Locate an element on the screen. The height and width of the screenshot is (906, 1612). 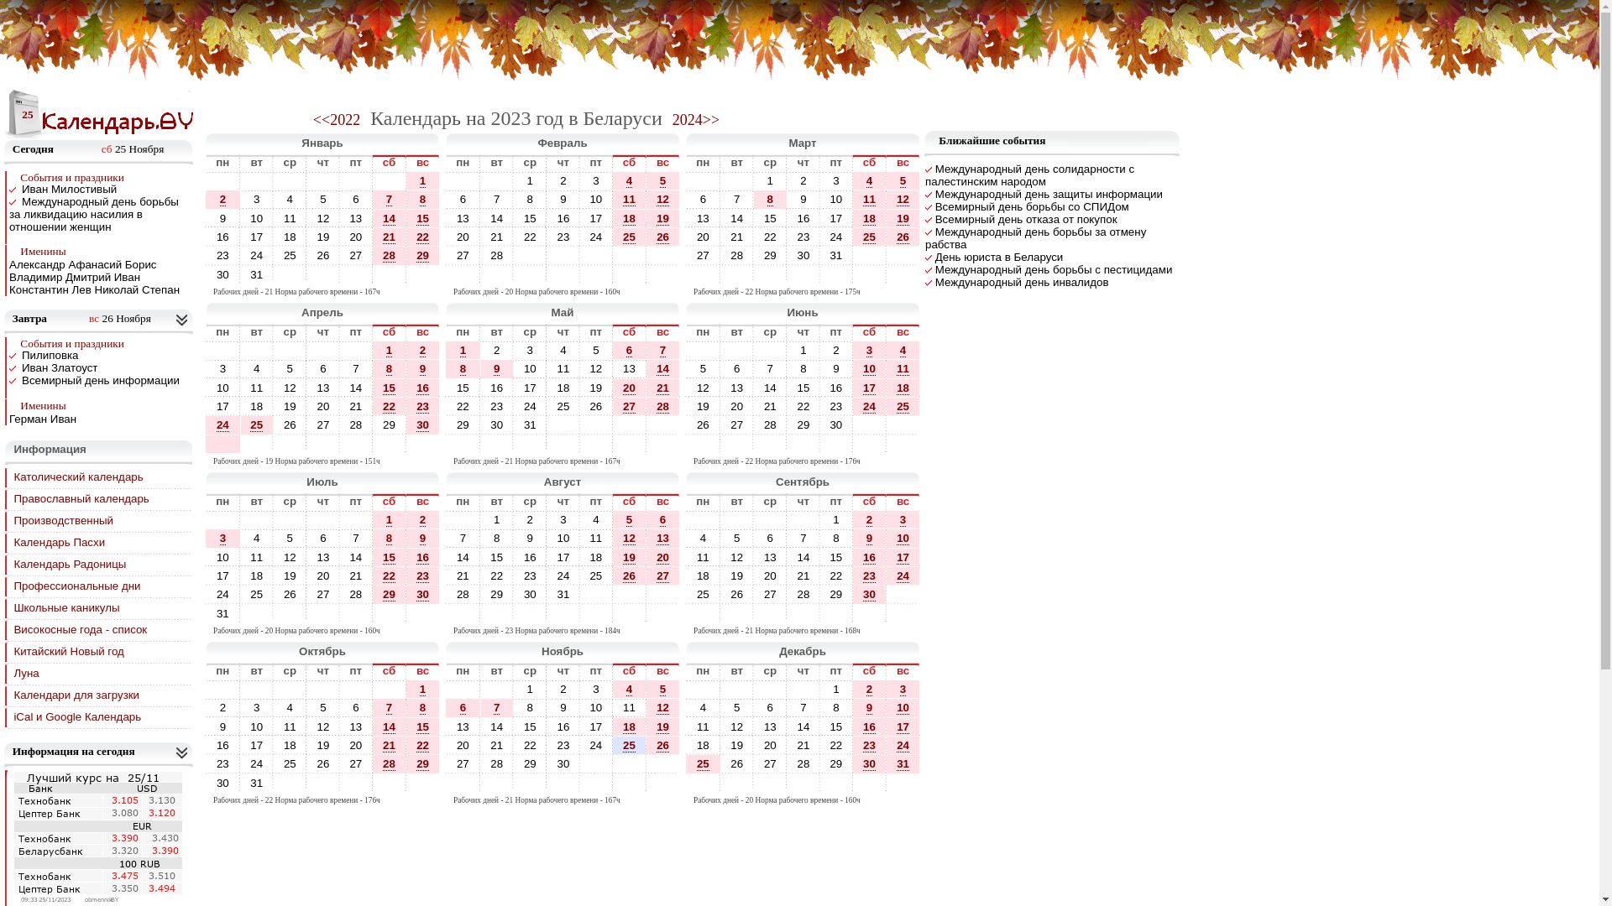
'25' is located at coordinates (628, 237).